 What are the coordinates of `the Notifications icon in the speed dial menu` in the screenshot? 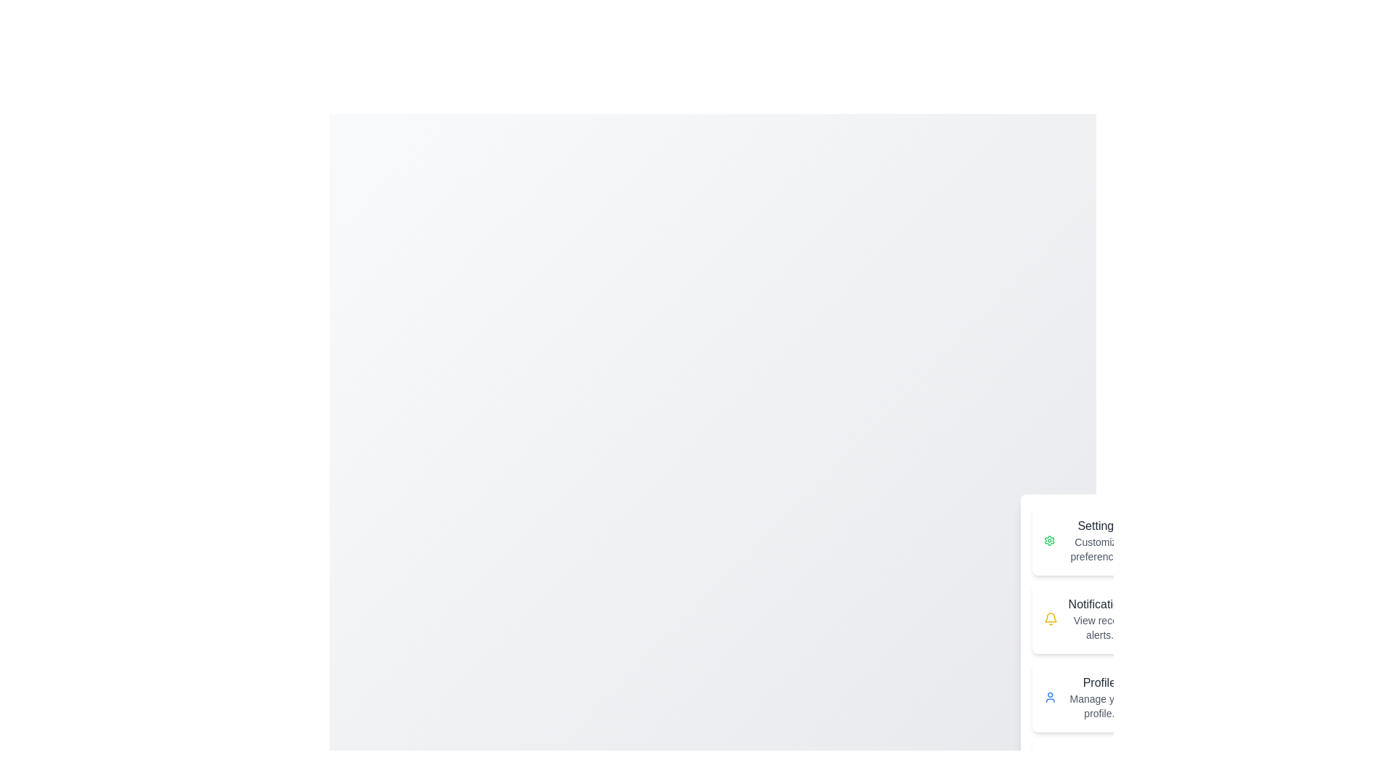 It's located at (1051, 618).